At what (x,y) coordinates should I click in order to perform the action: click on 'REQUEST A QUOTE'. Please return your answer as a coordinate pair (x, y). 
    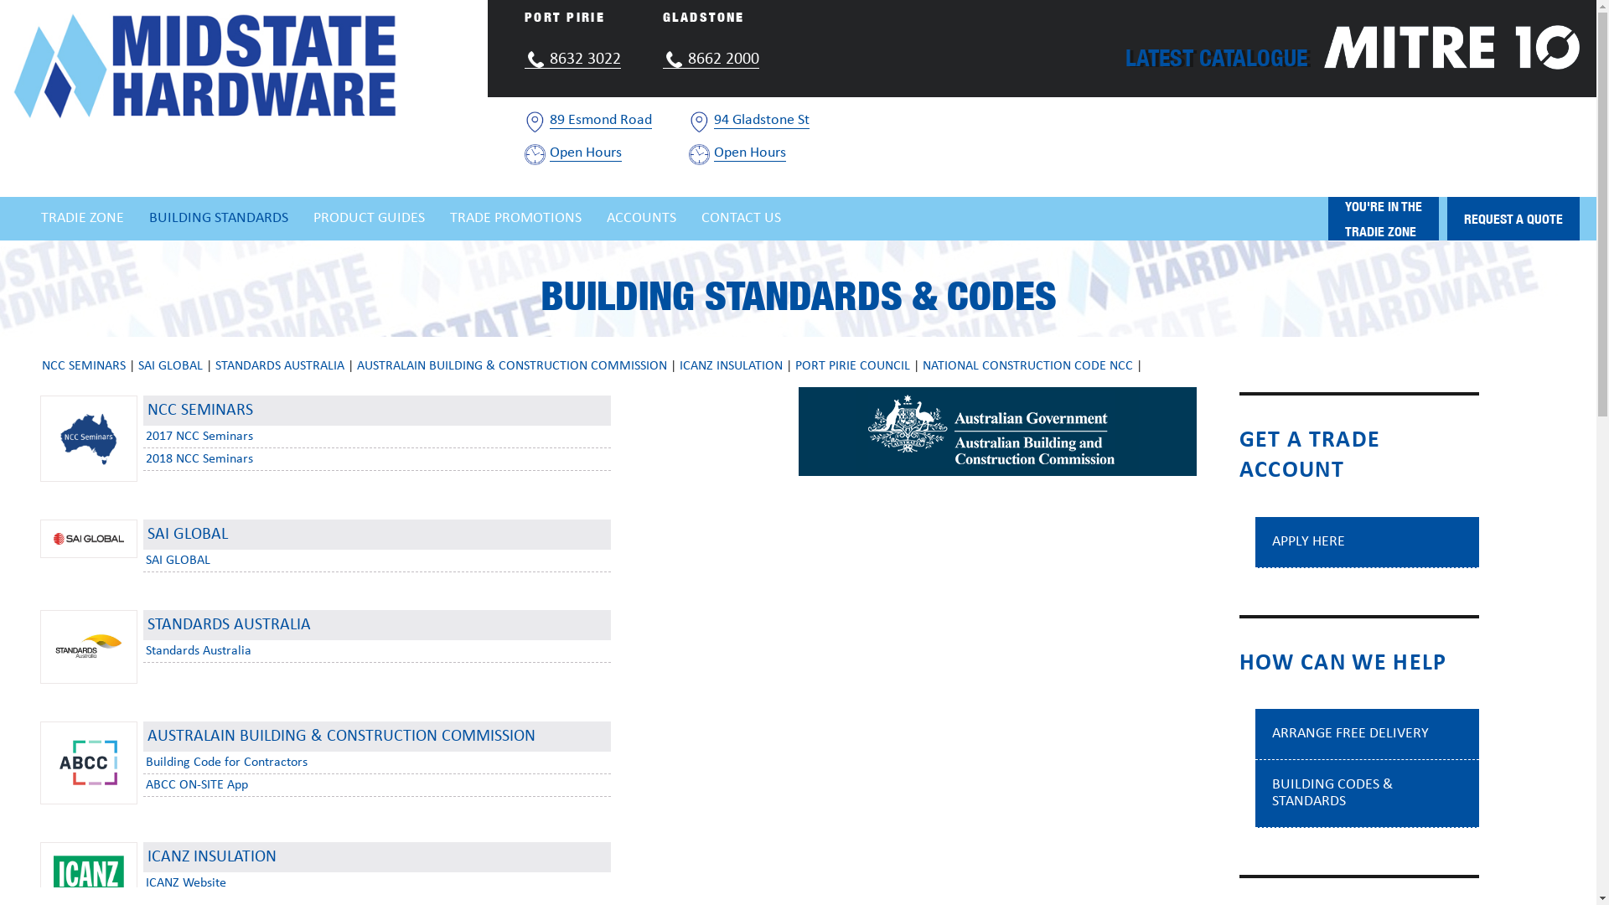
    Looking at the image, I should click on (1446, 218).